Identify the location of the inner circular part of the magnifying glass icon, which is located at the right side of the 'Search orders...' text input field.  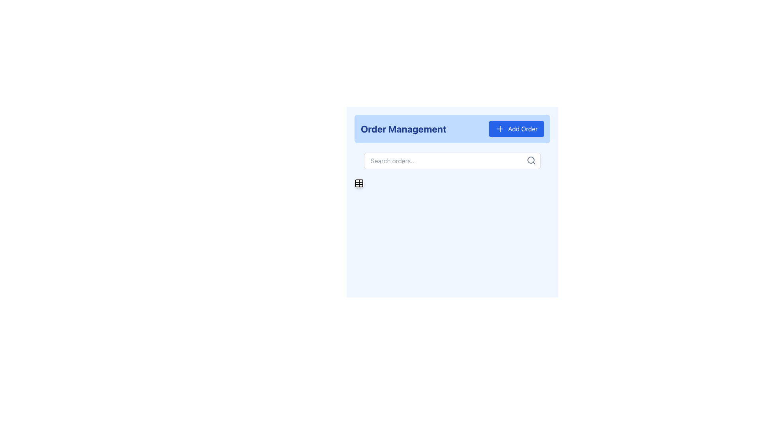
(531, 160).